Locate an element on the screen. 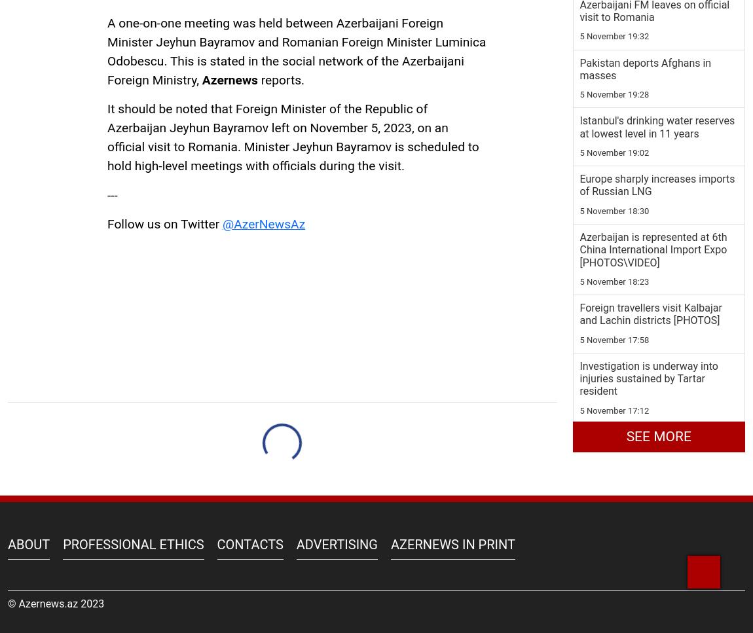  '5 November 11:53' is located at coordinates (579, 114).